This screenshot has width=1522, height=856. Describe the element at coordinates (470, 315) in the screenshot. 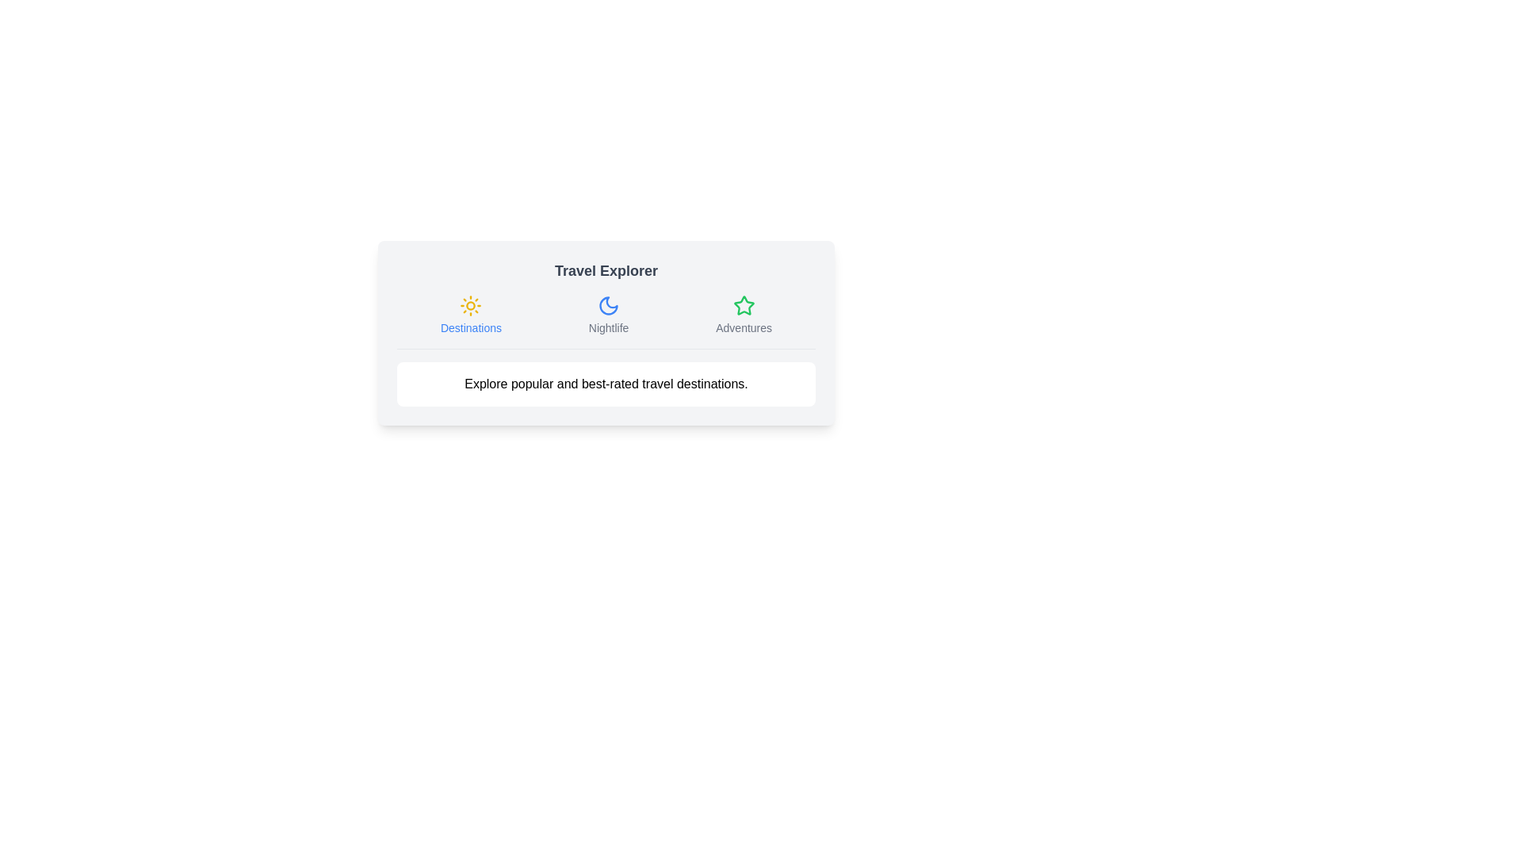

I see `the tab labeled Destinations to inspect its icon and label` at that location.